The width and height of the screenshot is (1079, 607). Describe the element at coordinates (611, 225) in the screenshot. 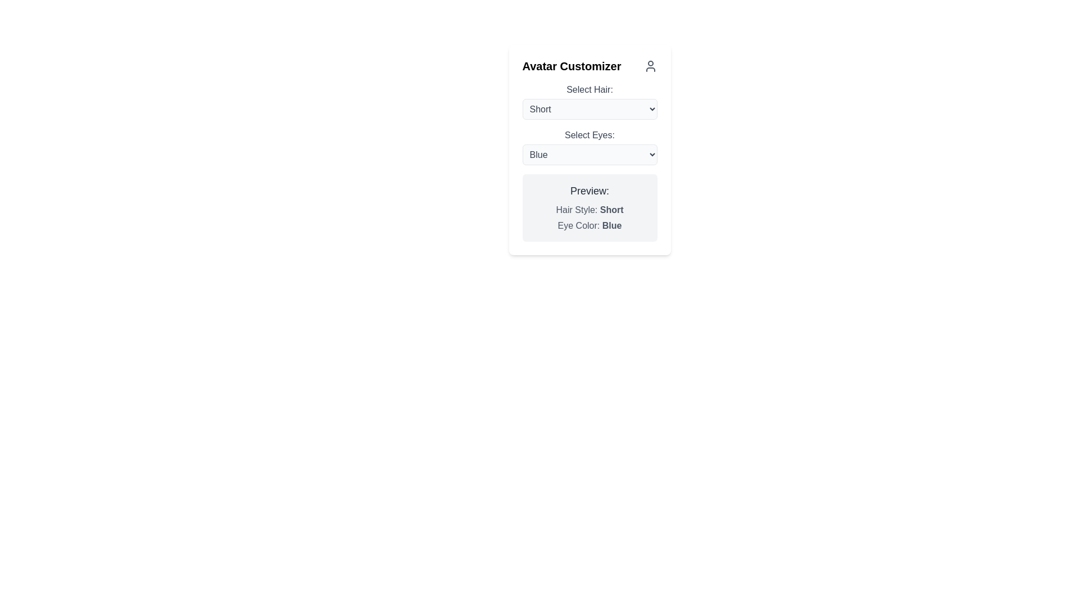

I see `the text label displaying 'Blue' in bold font style, which is part of the 'Eye Color: Blue' descriptor located in the lower section of the card interface` at that location.